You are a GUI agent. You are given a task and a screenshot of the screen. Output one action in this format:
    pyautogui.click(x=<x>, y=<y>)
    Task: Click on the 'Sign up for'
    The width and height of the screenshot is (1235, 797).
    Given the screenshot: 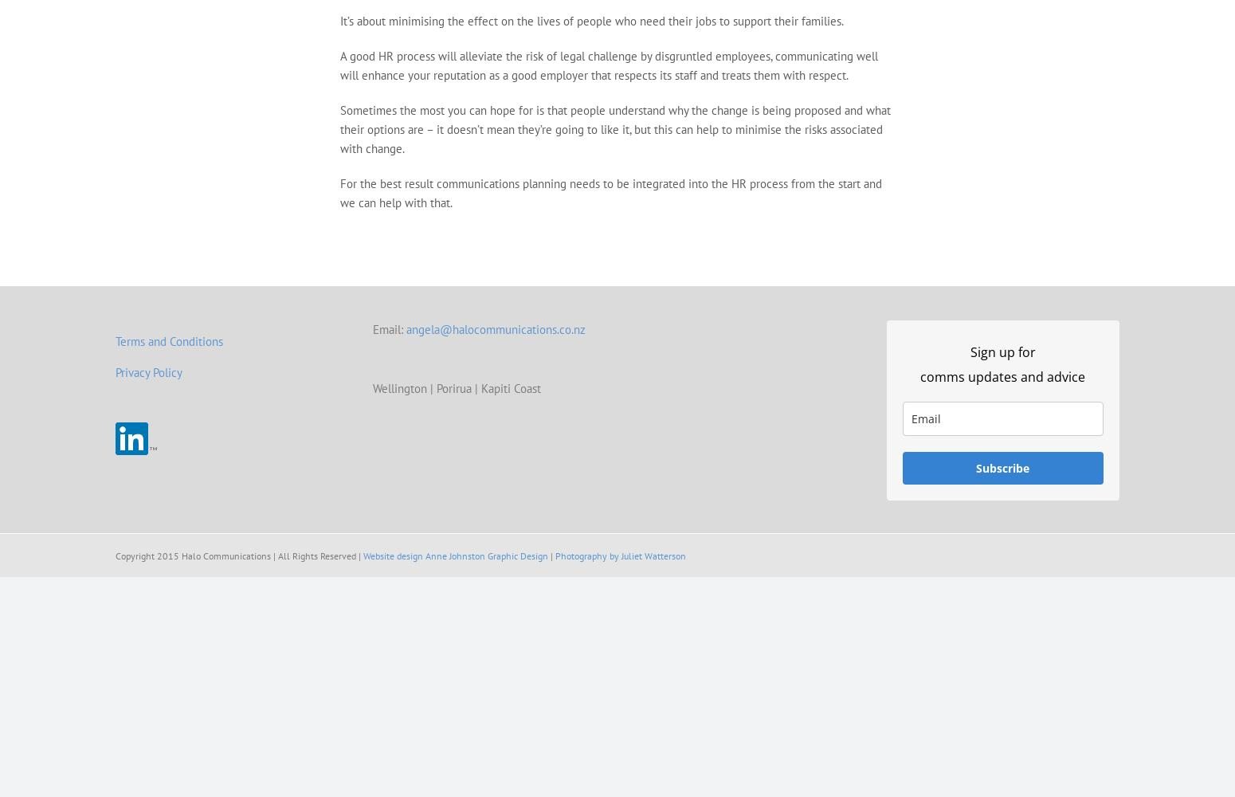 What is the action you would take?
    pyautogui.click(x=1001, y=351)
    